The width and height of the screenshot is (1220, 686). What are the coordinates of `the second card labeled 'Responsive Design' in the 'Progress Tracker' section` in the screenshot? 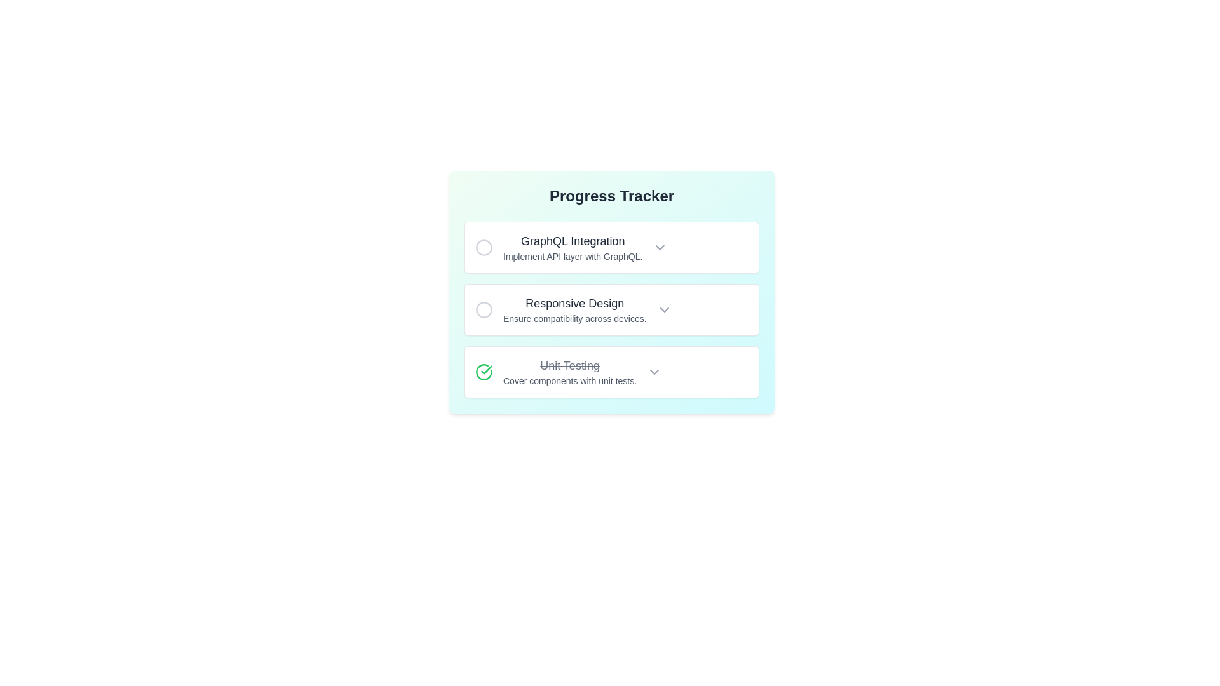 It's located at (612, 292).